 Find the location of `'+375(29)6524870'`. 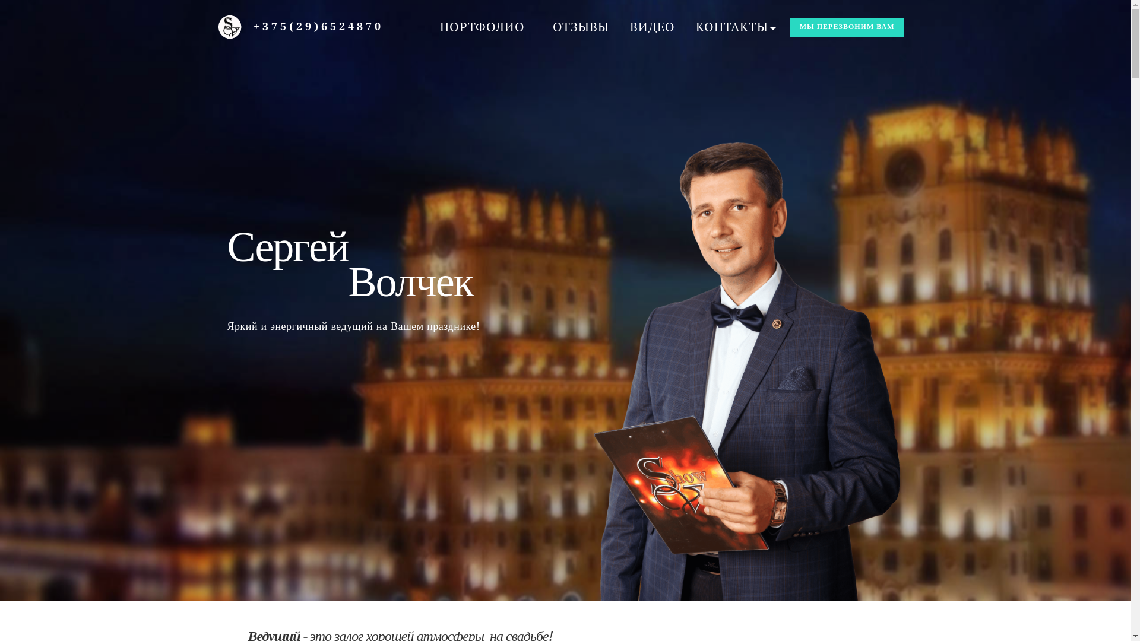

'+375(29)6524870' is located at coordinates (318, 26).